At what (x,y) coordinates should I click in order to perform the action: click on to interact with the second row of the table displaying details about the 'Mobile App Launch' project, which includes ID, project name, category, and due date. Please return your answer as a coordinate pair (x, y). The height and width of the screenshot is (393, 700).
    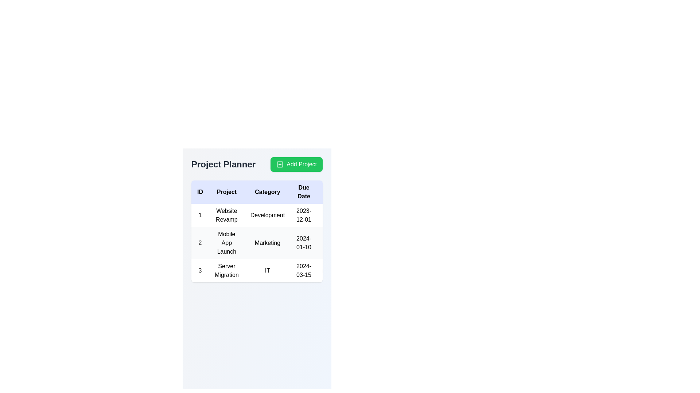
    Looking at the image, I should click on (296, 243).